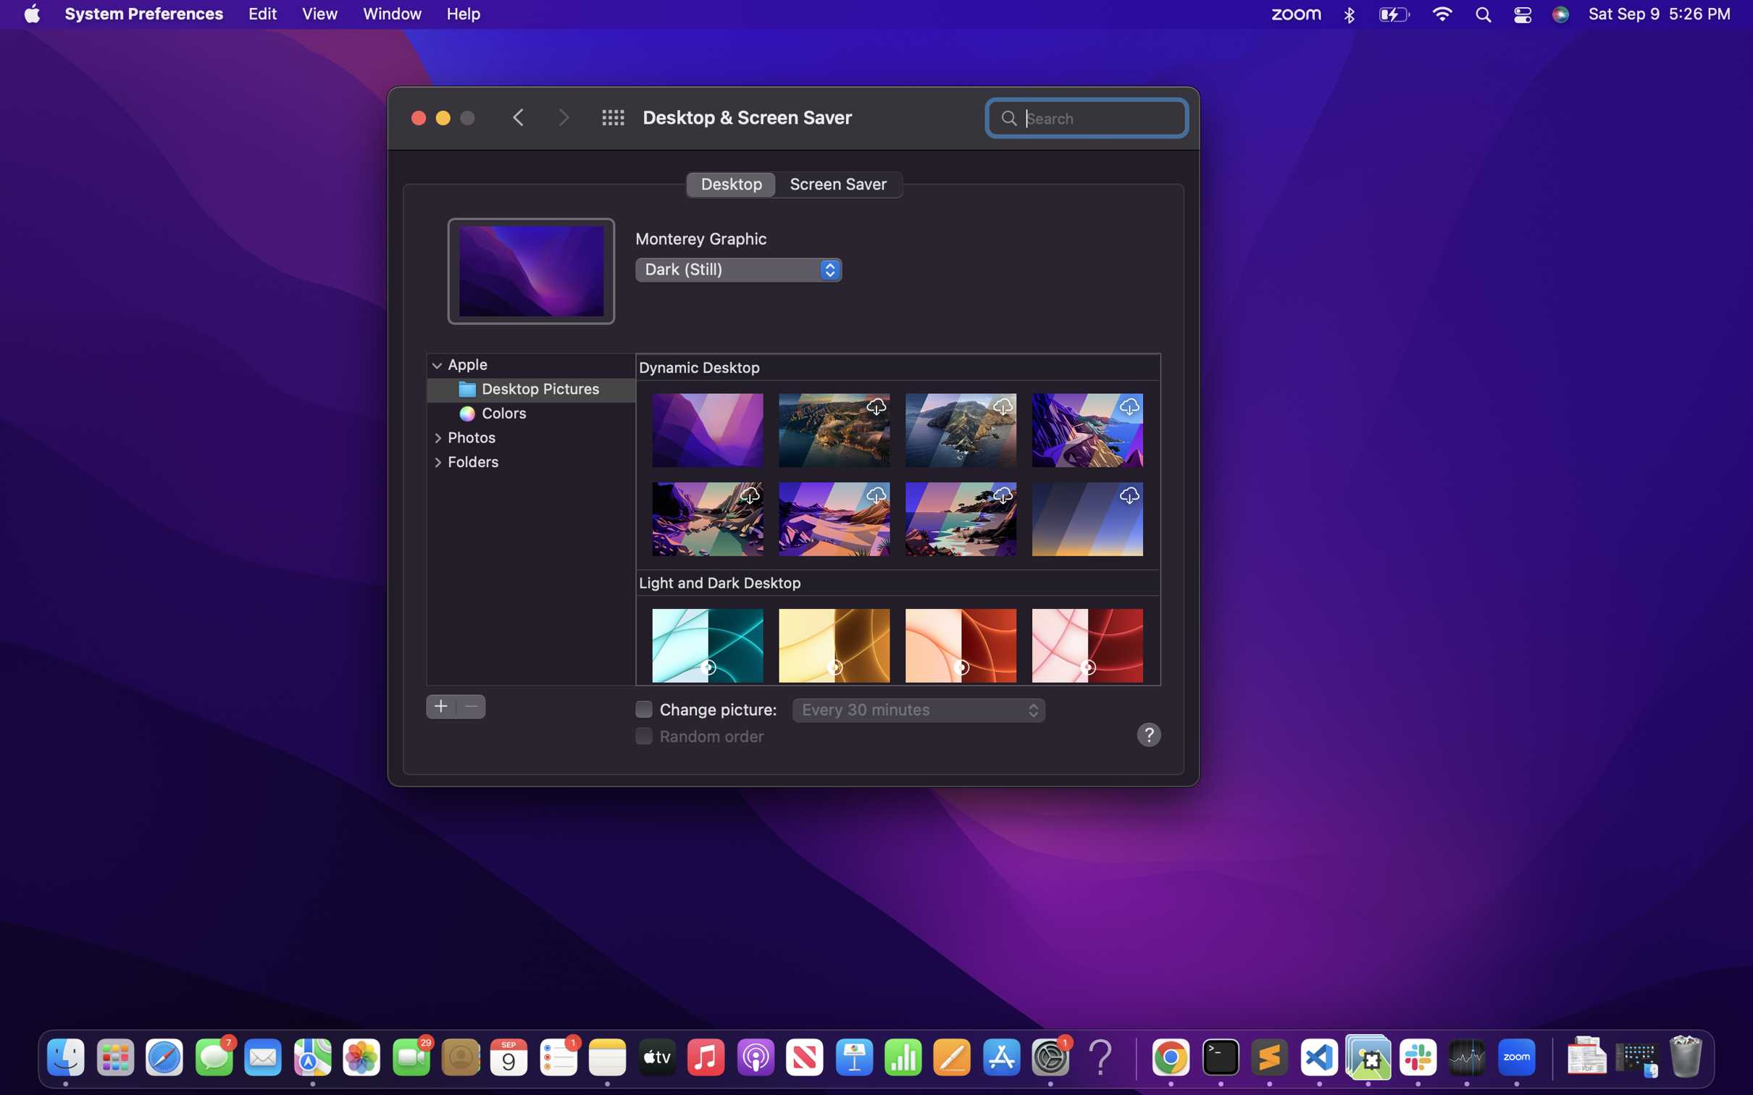 This screenshot has height=1095, width=1753. Describe the element at coordinates (436, 364) in the screenshot. I see `the option settings` at that location.